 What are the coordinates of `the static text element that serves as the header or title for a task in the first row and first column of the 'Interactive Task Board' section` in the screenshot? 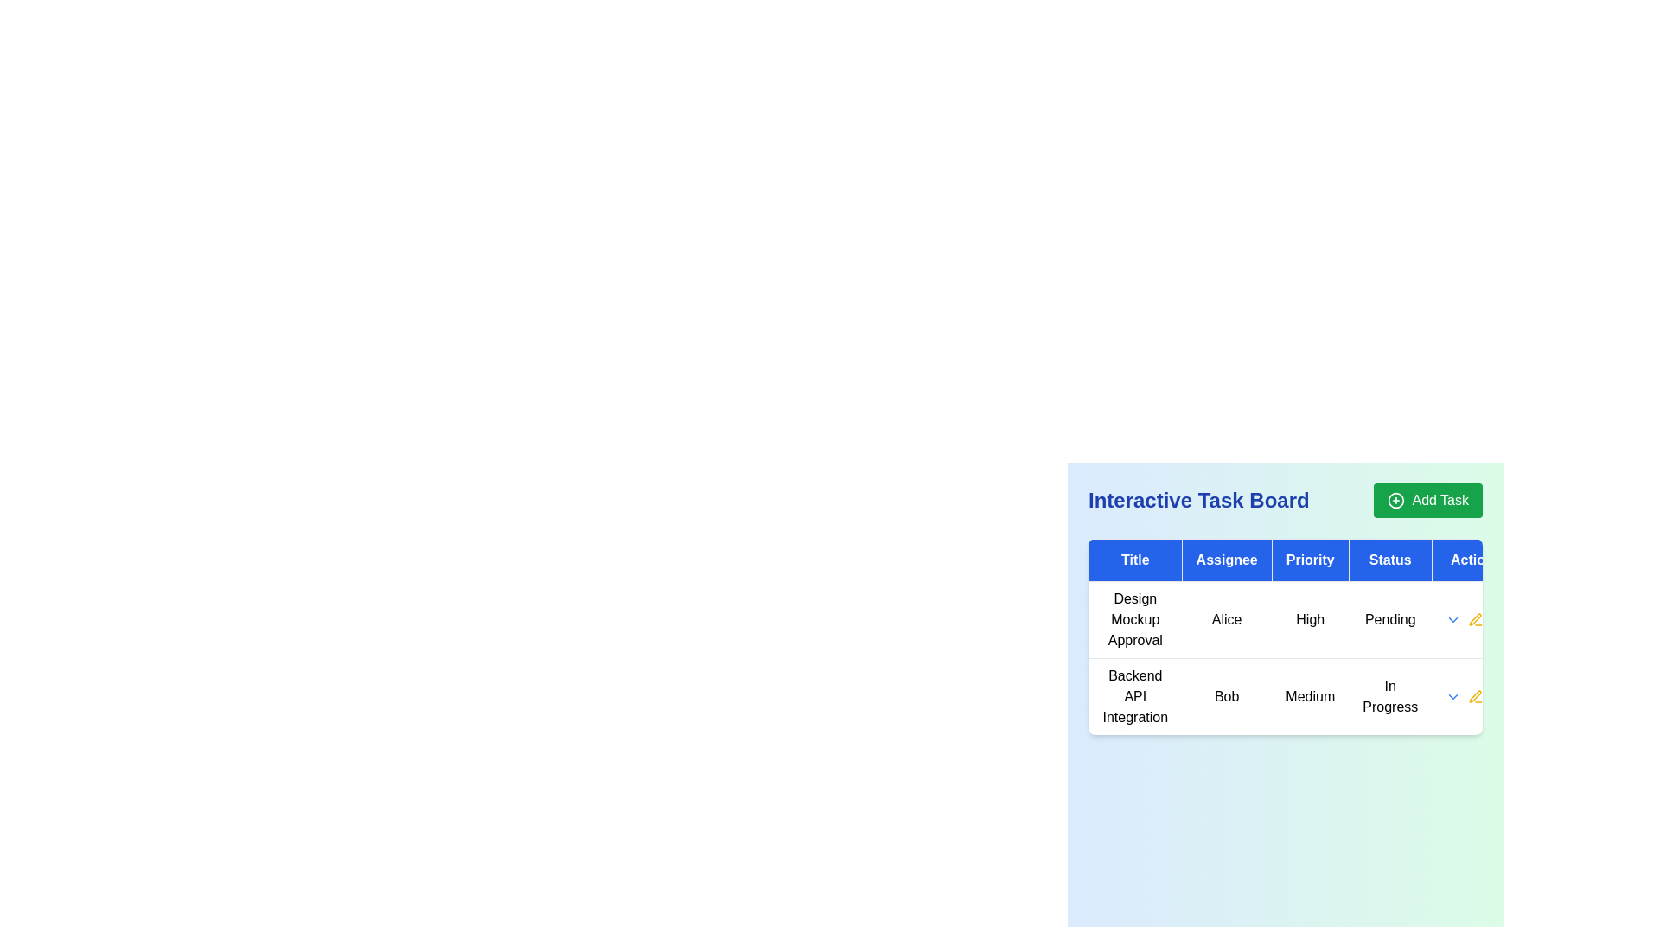 It's located at (1135, 619).